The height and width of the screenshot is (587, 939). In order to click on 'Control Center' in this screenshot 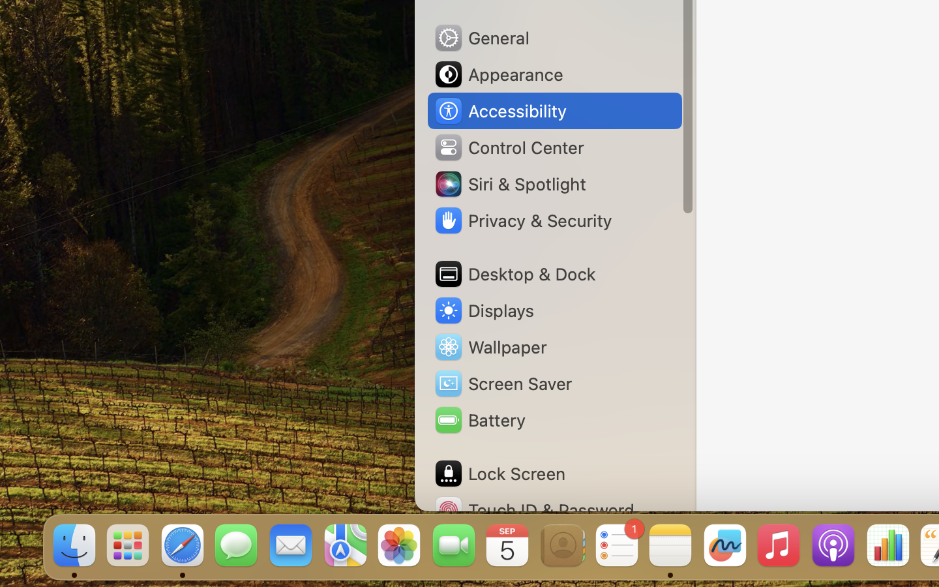, I will do `click(508, 147)`.